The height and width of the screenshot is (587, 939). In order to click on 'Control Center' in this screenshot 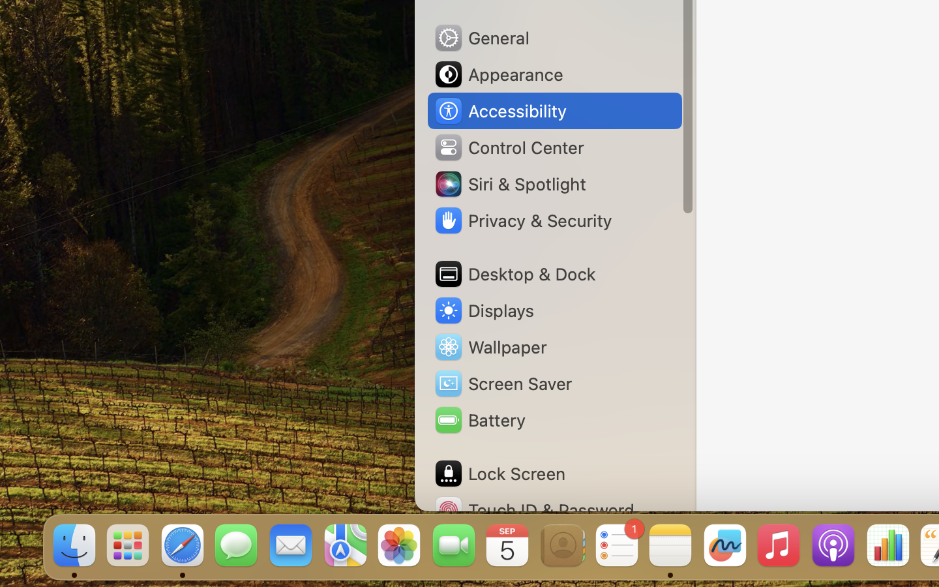, I will do `click(508, 147)`.